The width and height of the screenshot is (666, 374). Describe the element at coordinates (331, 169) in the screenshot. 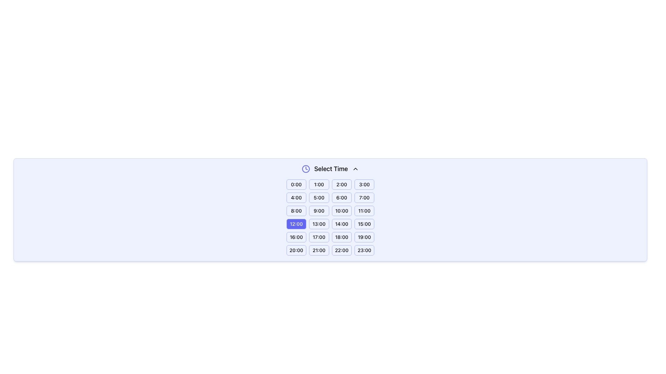

I see `the Text Label that provides context for the dropdown interaction, located between a clock icon and a downward chevron icon` at that location.